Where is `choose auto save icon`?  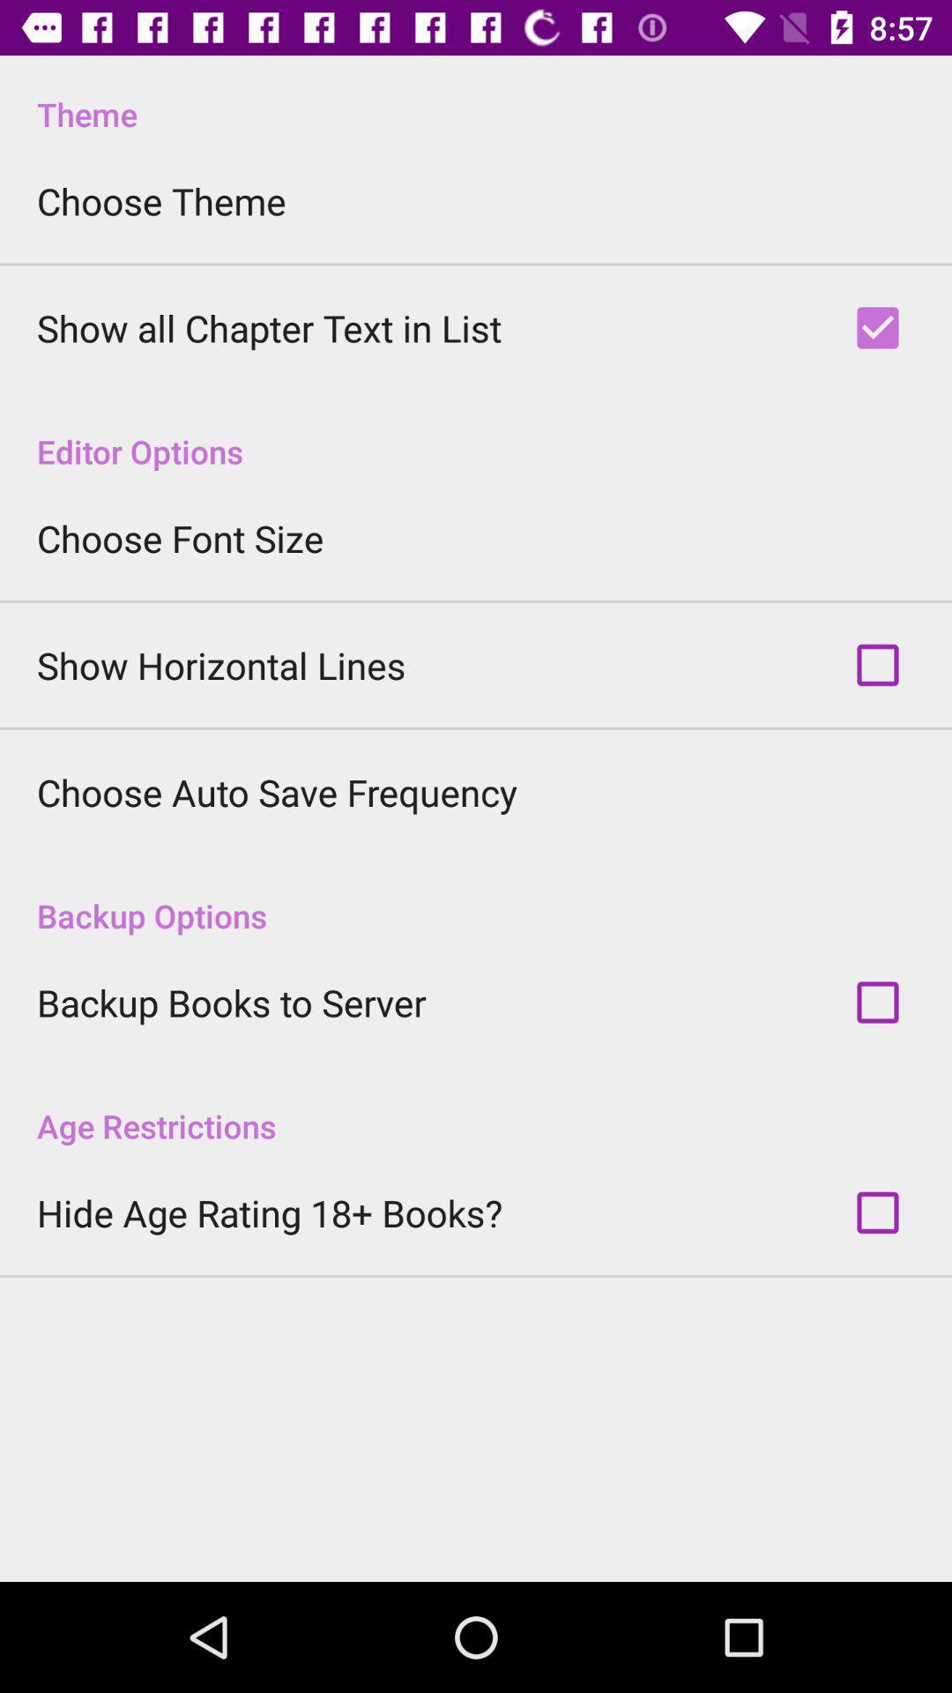 choose auto save icon is located at coordinates (277, 791).